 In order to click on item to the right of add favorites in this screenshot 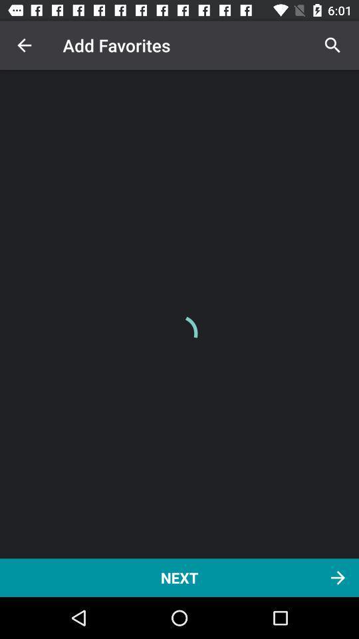, I will do `click(332, 45)`.